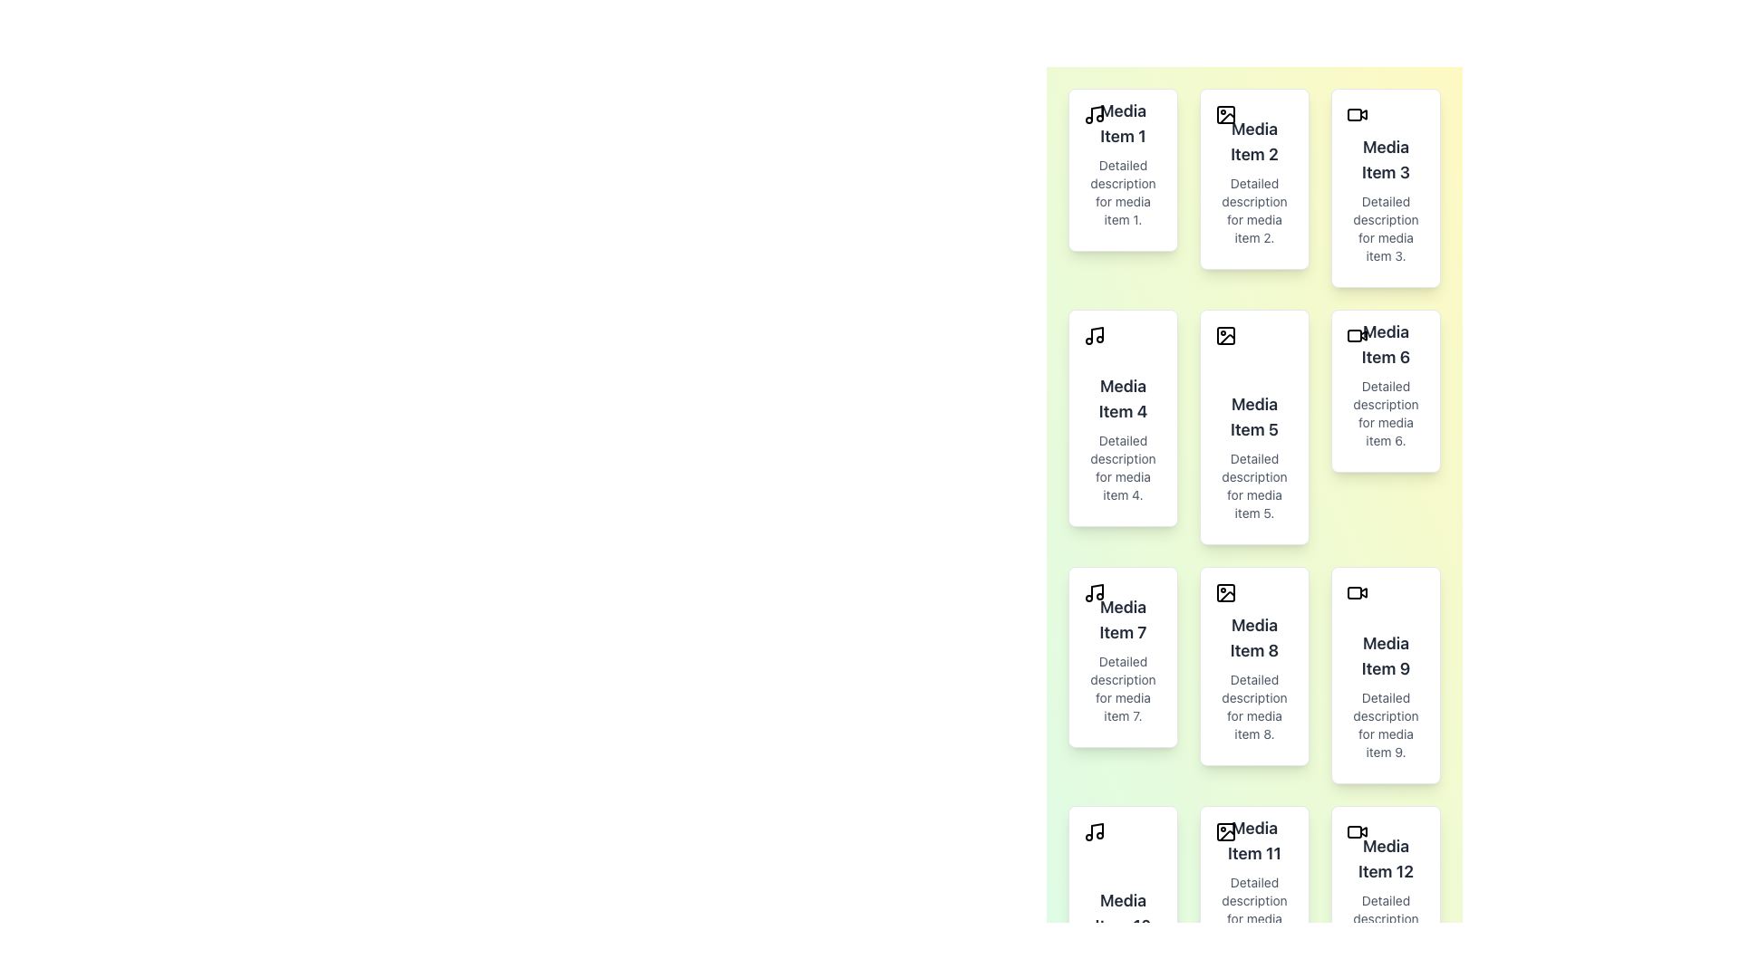 The image size is (1740, 978). What do you see at coordinates (1122, 123) in the screenshot?
I see `title text displayed at the top of the first card in the grid layout, which serves as the primary identifier for the media item` at bounding box center [1122, 123].